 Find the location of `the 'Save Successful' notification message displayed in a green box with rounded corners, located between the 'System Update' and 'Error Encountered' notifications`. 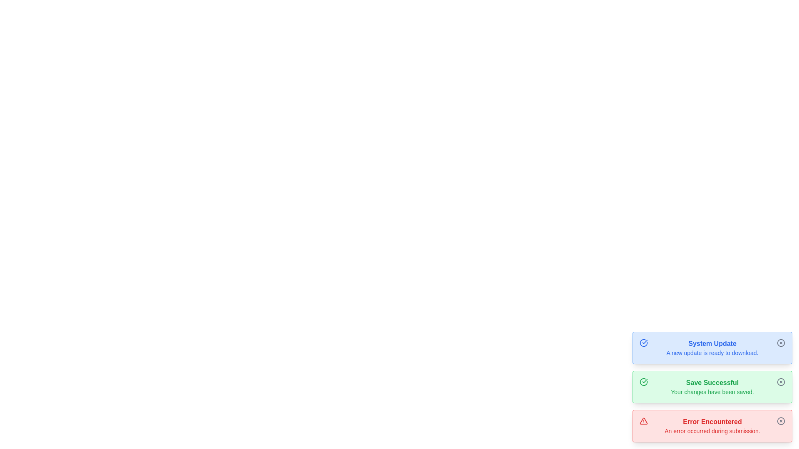

the 'Save Successful' notification message displayed in a green box with rounded corners, located between the 'System Update' and 'Error Encountered' notifications is located at coordinates (712, 387).